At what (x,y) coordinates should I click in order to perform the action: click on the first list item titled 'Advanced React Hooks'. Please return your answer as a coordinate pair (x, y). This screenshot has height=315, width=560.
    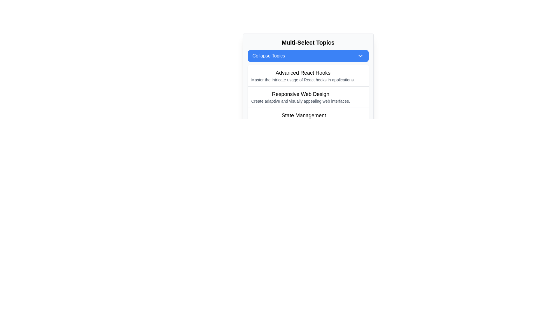
    Looking at the image, I should click on (303, 75).